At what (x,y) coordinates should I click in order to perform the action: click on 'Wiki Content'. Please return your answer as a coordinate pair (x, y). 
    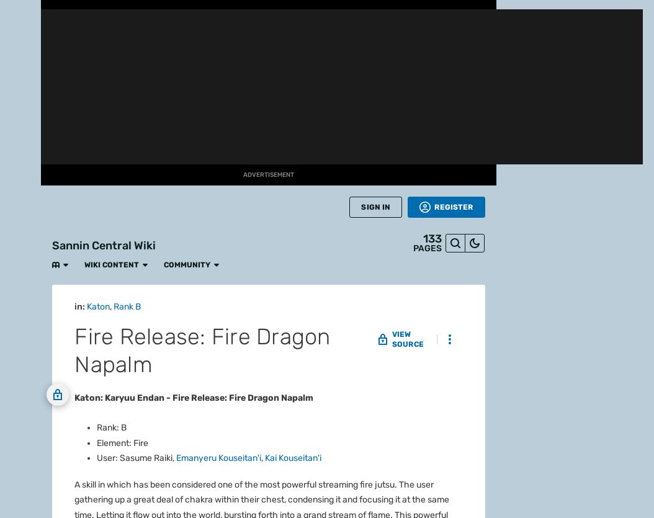
    Looking at the image, I should click on (101, 13).